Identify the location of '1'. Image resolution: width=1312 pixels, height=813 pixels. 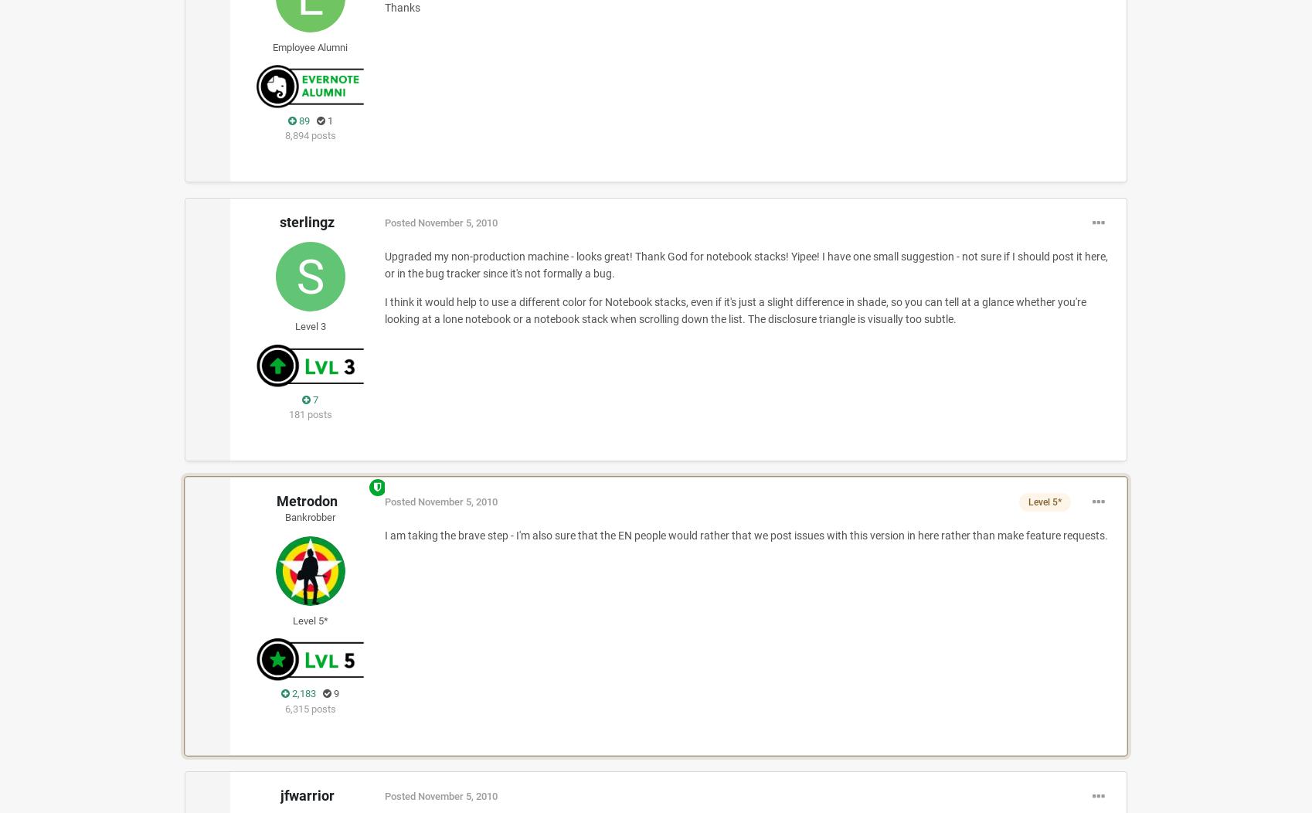
(328, 119).